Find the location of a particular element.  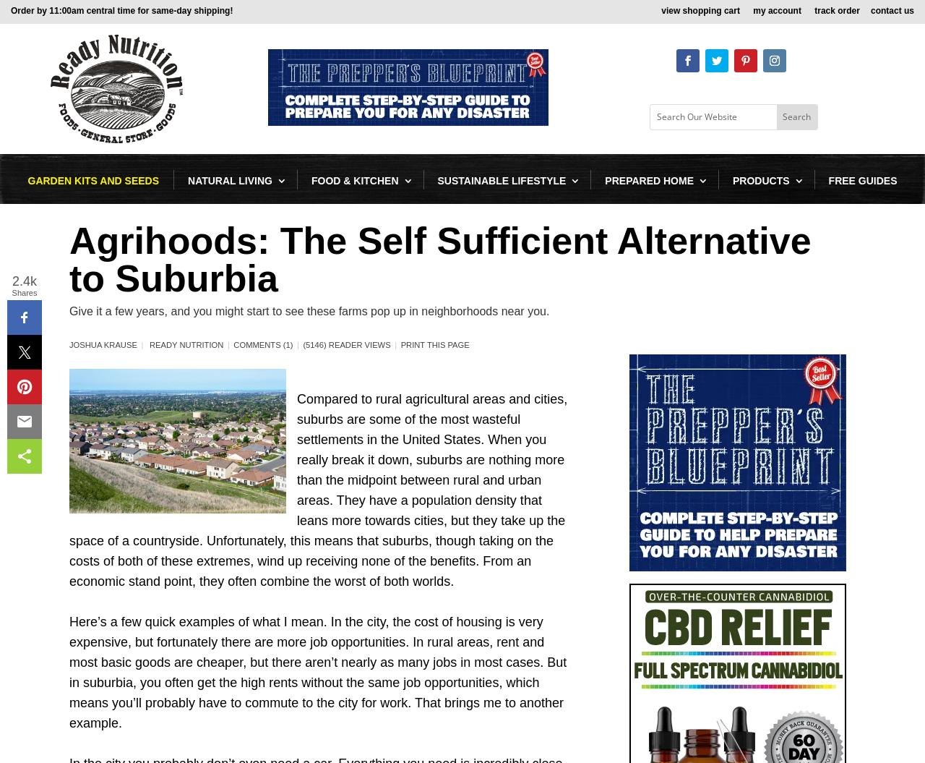

'Joshua Krause' is located at coordinates (102, 344).